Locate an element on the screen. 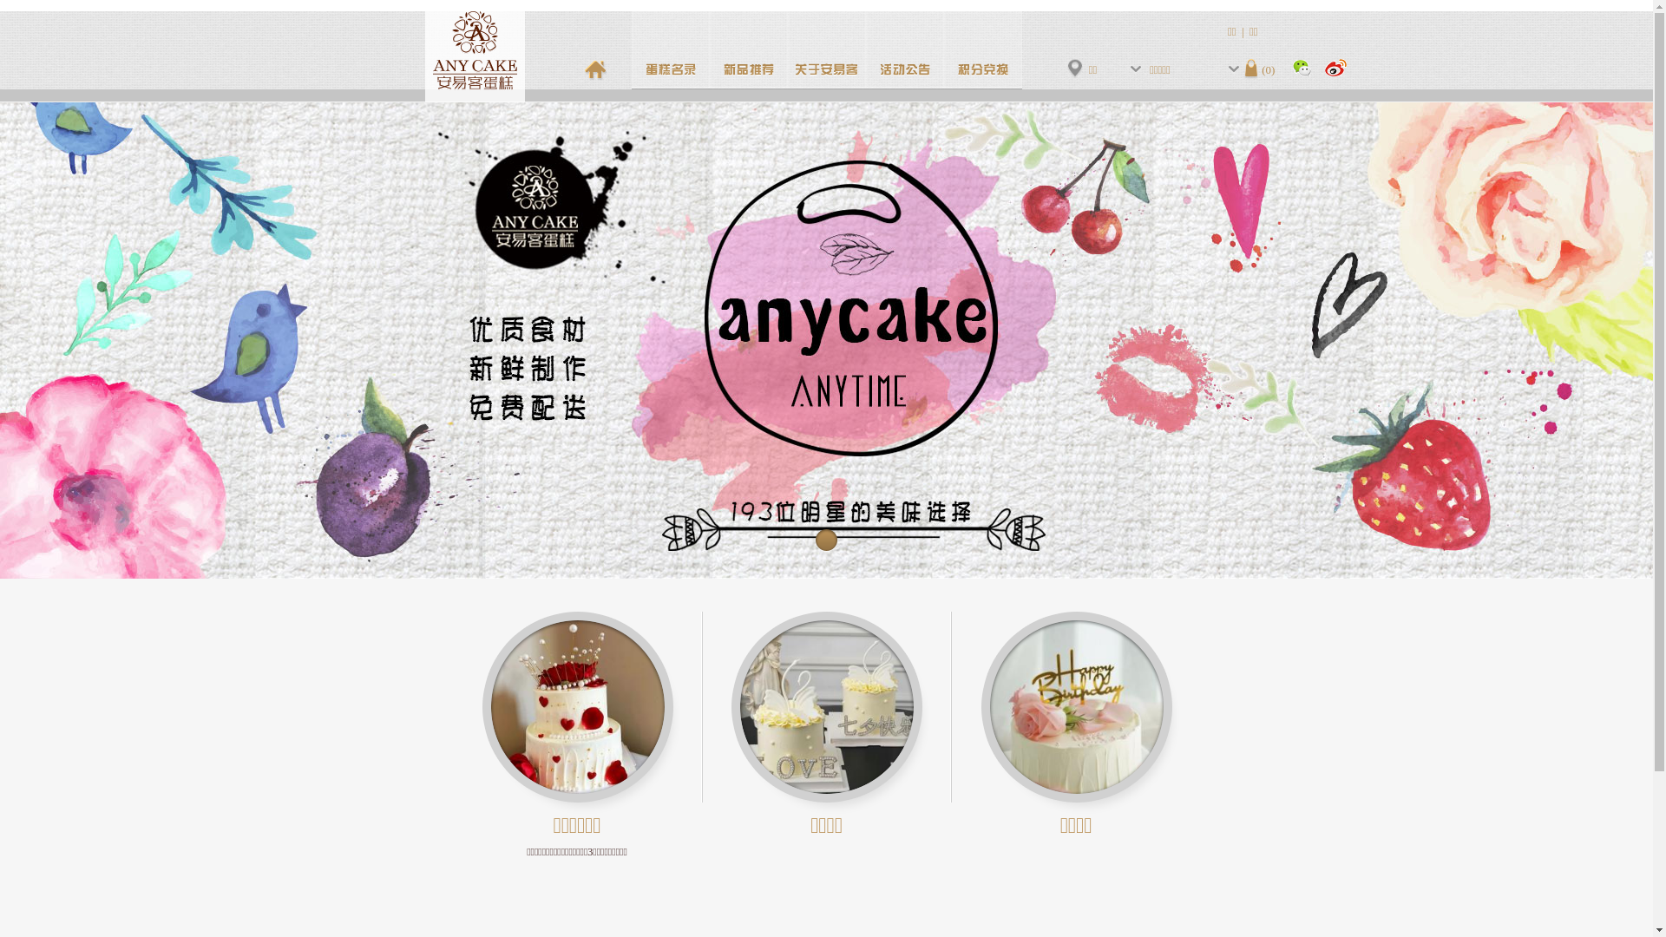 Image resolution: width=1666 pixels, height=937 pixels. '(0)' is located at coordinates (1259, 68).